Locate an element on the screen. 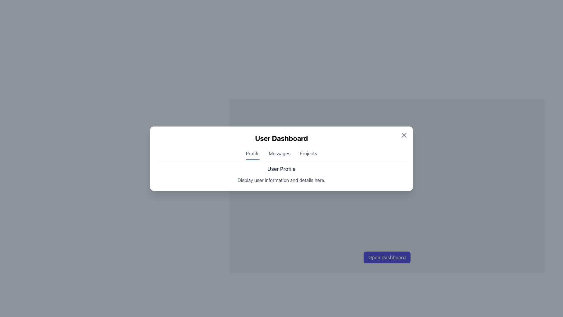  the intersecting line of the 'X' icon in the top-right area of the modal dialog labeled 'User Dashboard' to dismiss the modal is located at coordinates (403, 135).